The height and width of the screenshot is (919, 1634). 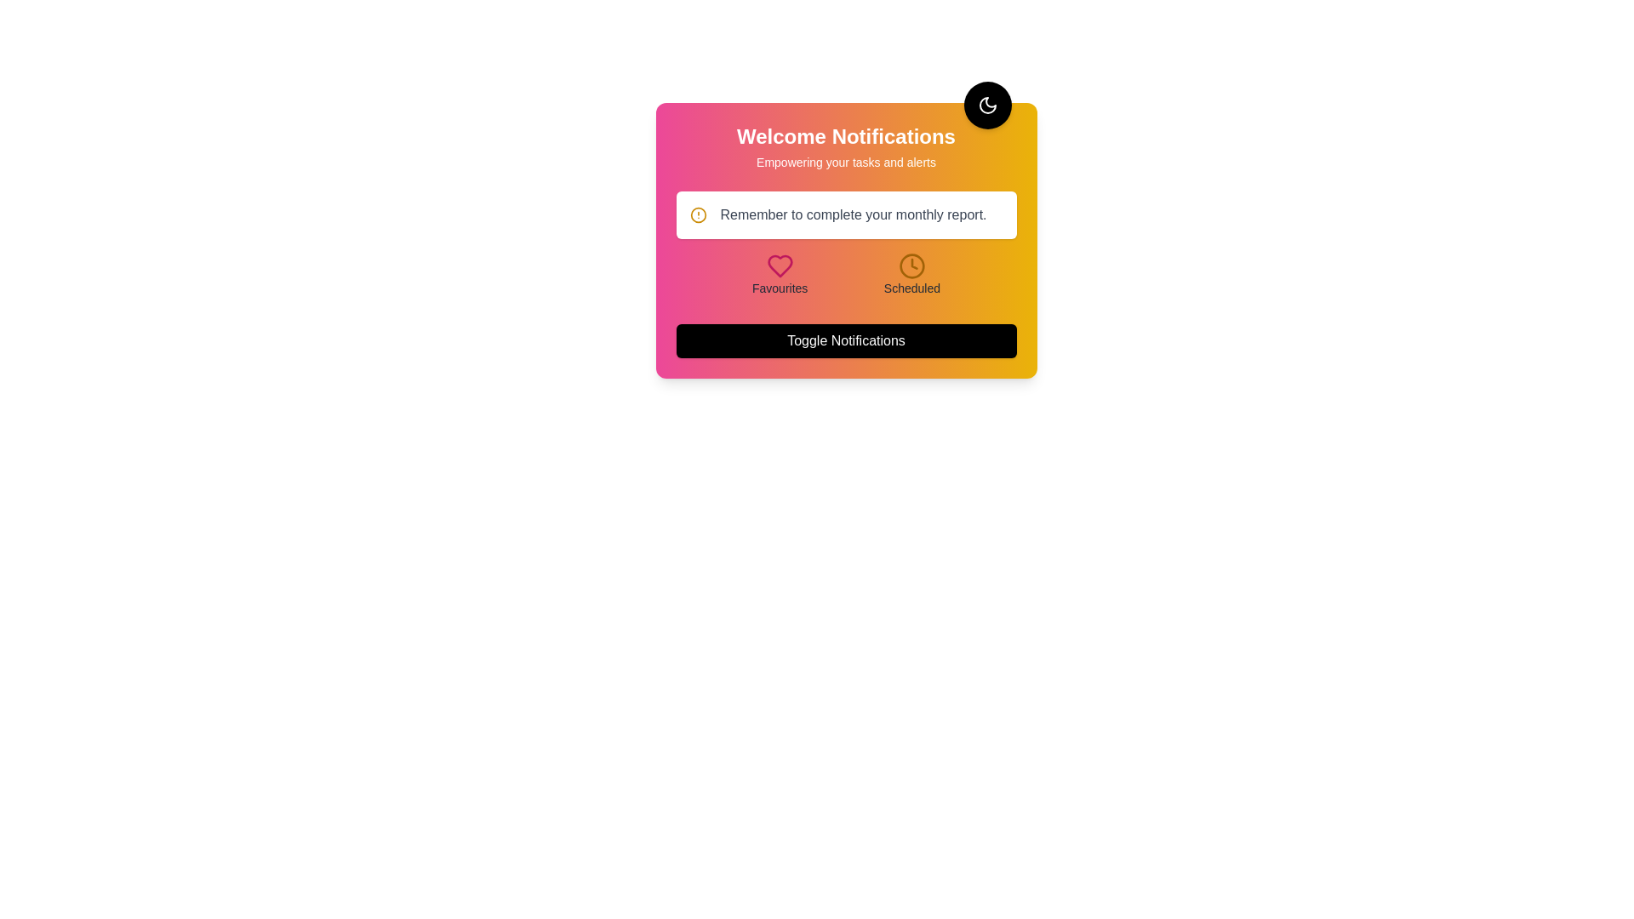 I want to click on the text label 'Favourites', which is styled with a smaller font size and dark gray color, located below the heart icon in the 'Welcome Notifications' box, so click(x=779, y=288).